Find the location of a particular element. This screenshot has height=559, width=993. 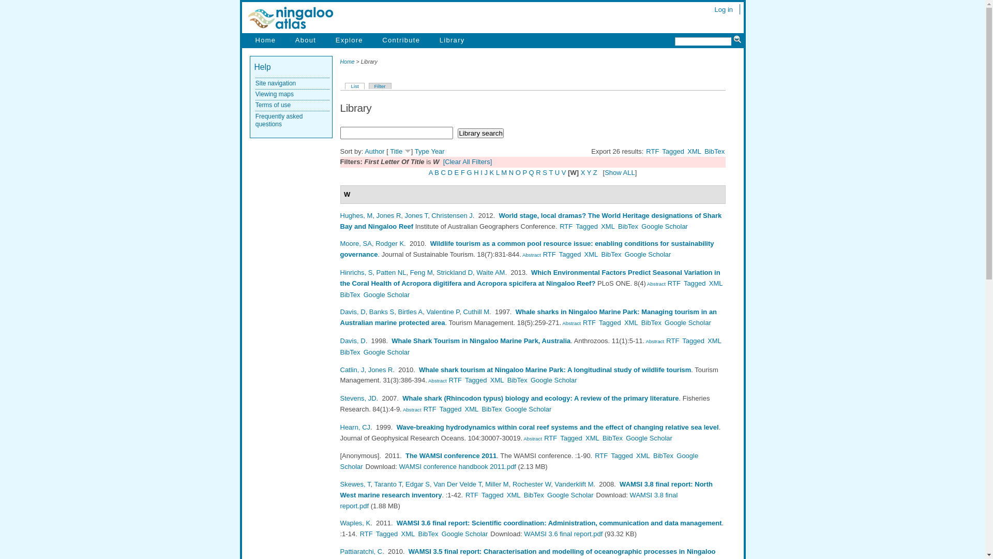

'Christensen J' is located at coordinates (452, 215).